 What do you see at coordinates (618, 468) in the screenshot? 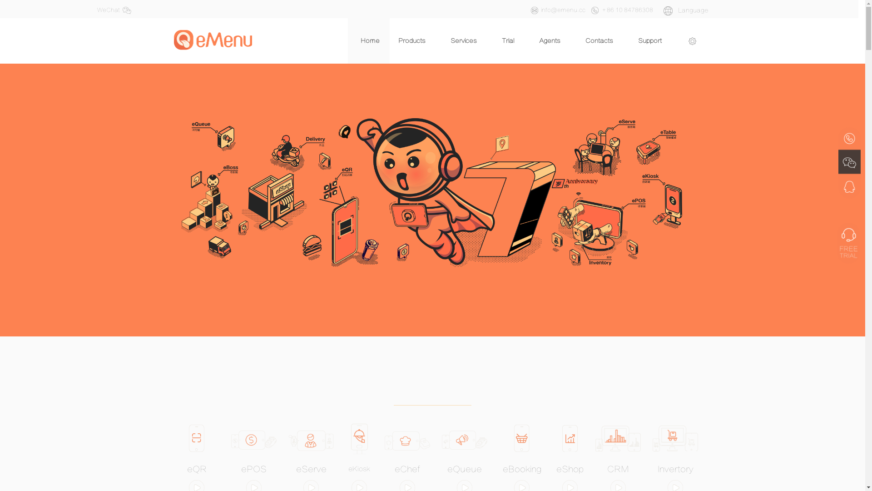
I see `'CRM'` at bounding box center [618, 468].